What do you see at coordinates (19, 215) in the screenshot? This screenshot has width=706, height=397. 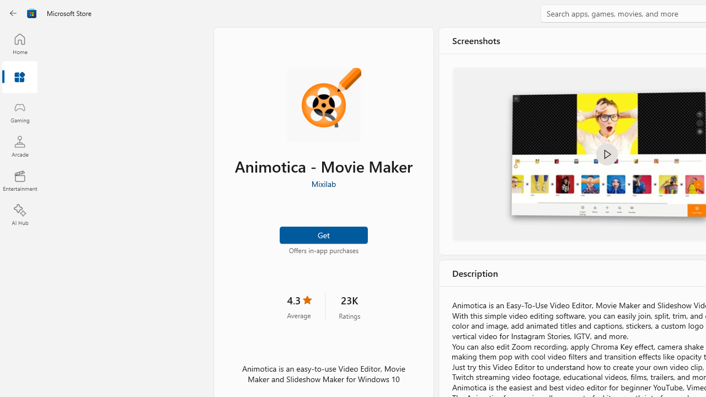 I see `'AI Hub'` at bounding box center [19, 215].